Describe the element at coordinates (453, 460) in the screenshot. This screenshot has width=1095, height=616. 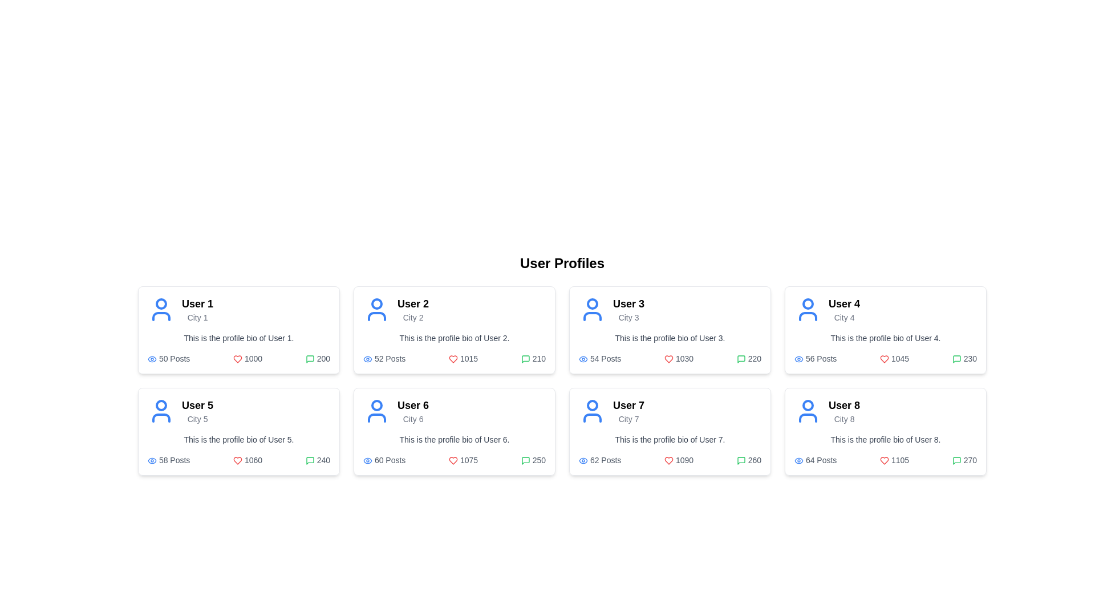
I see `the displayed count associated with the heart-shaped icon in the card labeled 'User 6, City 6', which is the second element in a sequence of interaction indicators` at that location.